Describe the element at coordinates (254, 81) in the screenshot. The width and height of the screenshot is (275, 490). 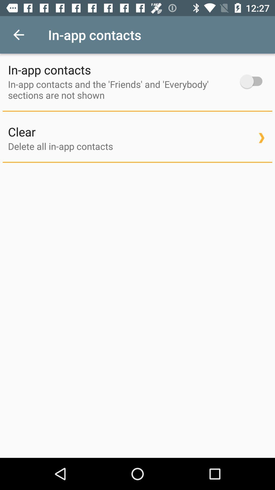
I see `in-app contacts` at that location.